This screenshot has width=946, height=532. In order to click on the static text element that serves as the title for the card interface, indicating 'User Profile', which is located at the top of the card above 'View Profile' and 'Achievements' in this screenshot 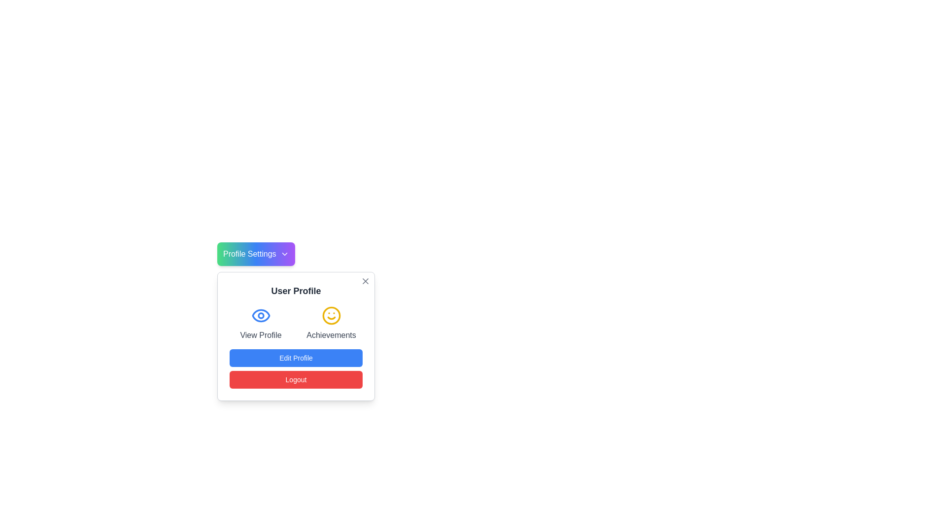, I will do `click(295, 290)`.